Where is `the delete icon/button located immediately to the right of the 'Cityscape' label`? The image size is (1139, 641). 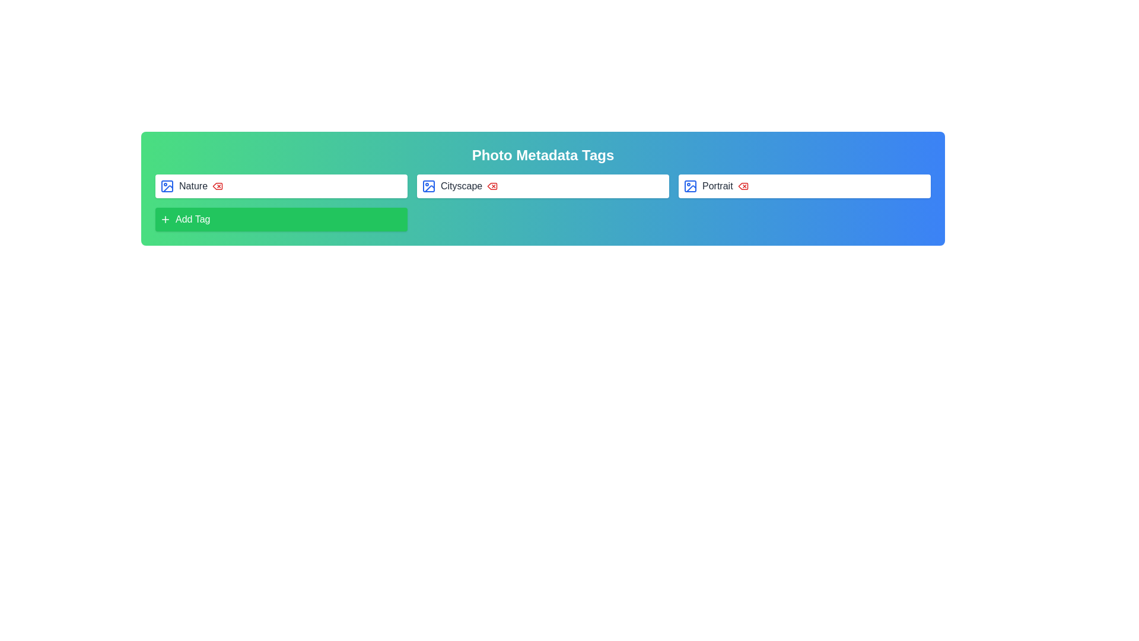
the delete icon/button located immediately to the right of the 'Cityscape' label is located at coordinates (492, 186).